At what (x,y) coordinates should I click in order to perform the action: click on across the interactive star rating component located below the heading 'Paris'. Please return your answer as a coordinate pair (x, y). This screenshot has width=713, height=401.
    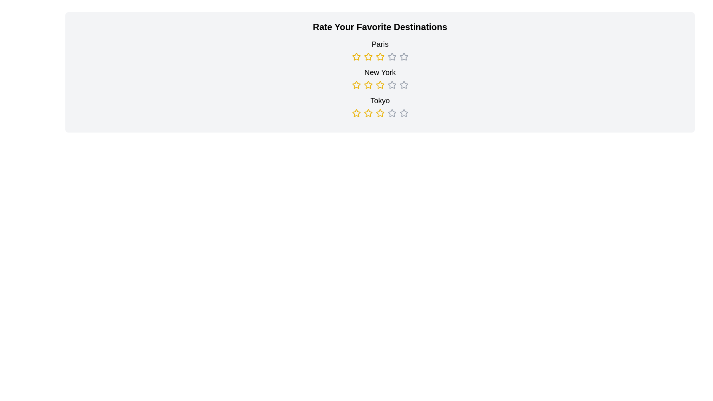
    Looking at the image, I should click on (380, 56).